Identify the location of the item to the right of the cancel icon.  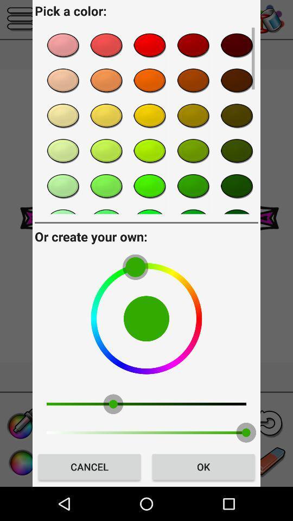
(203, 466).